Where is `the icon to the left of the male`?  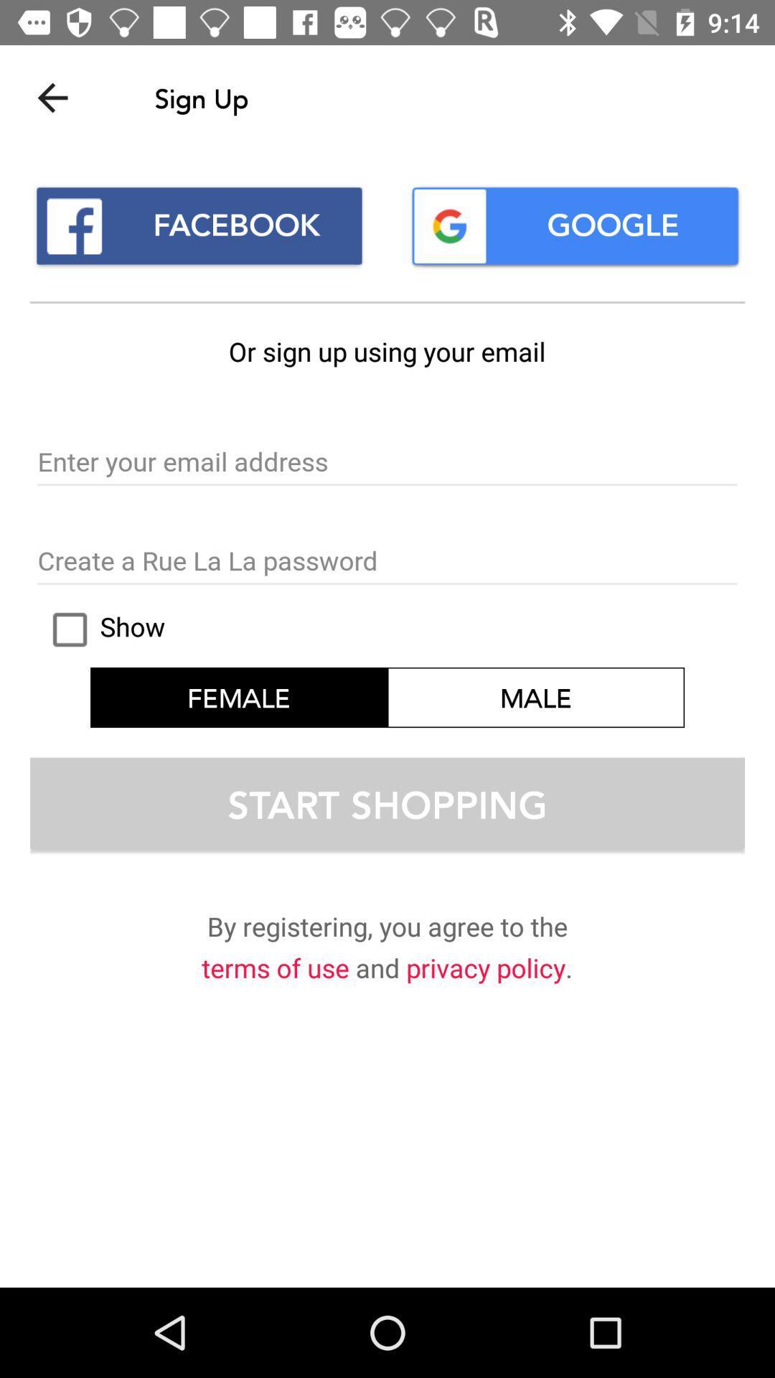 the icon to the left of the male is located at coordinates (101, 629).